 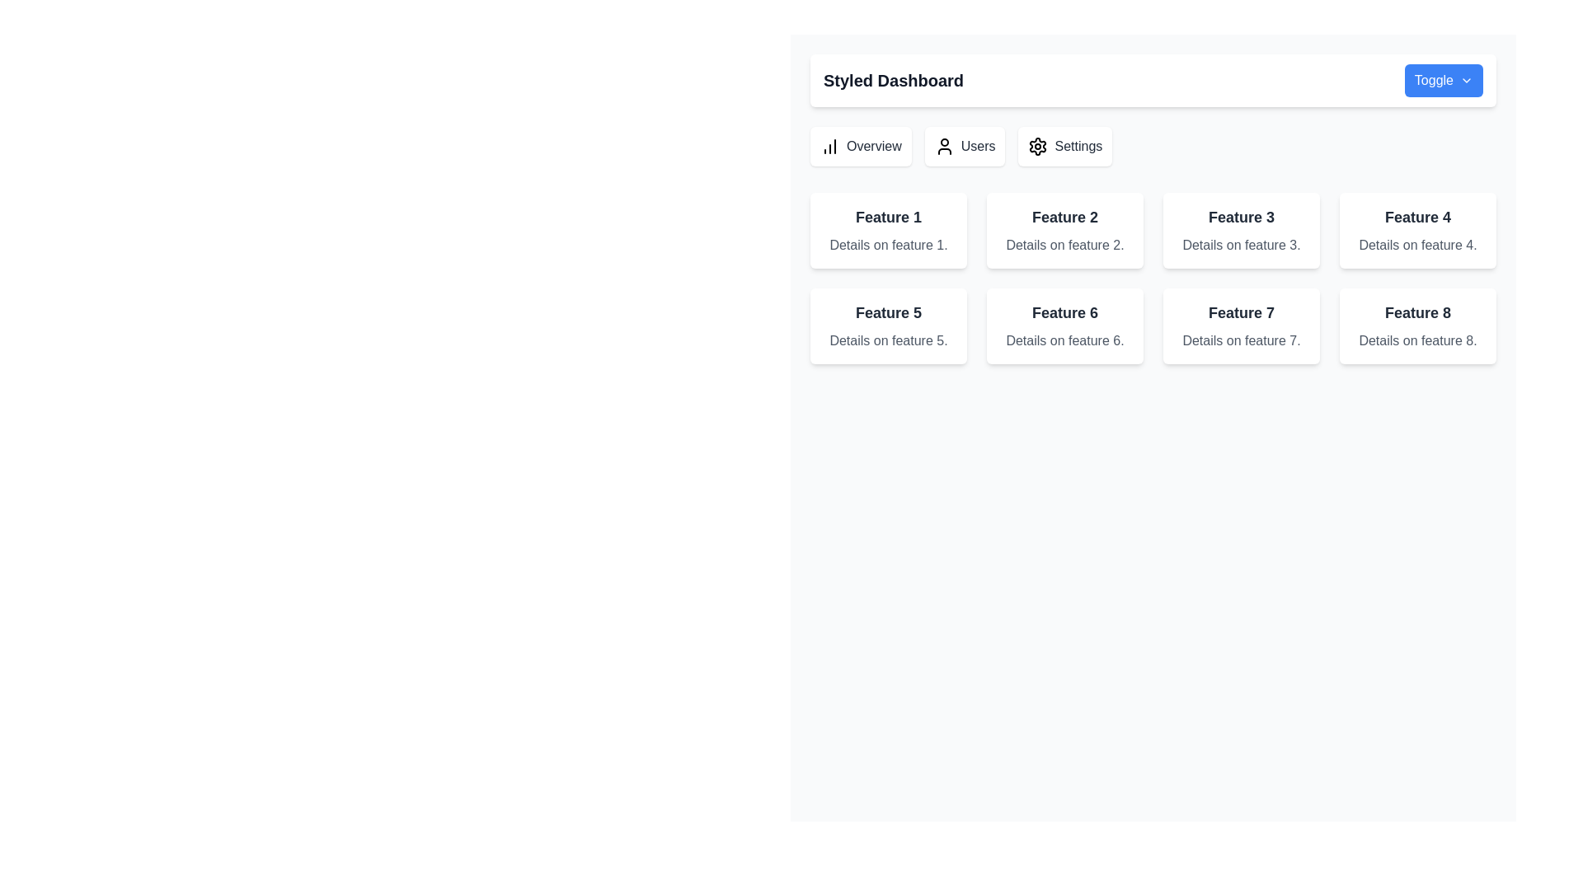 I want to click on displayed text 'Details on feature 5.' from the gray text label located beneath the title 'Feature 5.', so click(x=888, y=340).